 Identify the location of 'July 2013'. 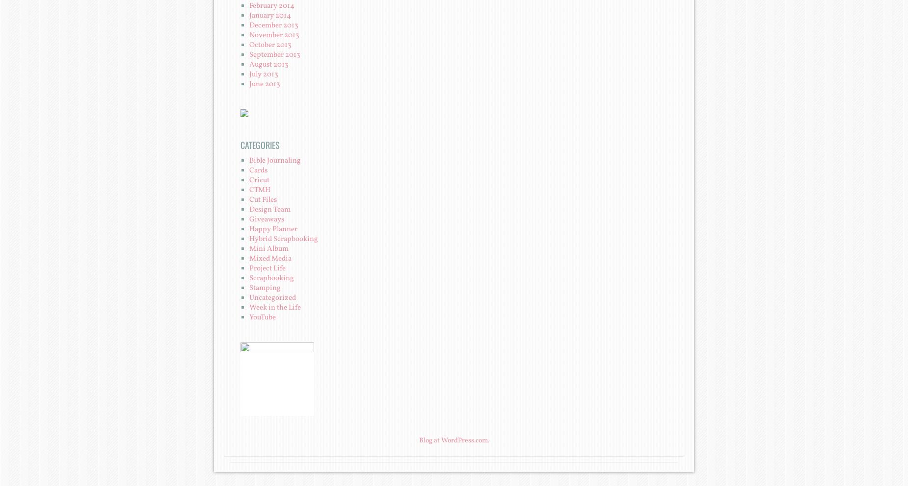
(249, 74).